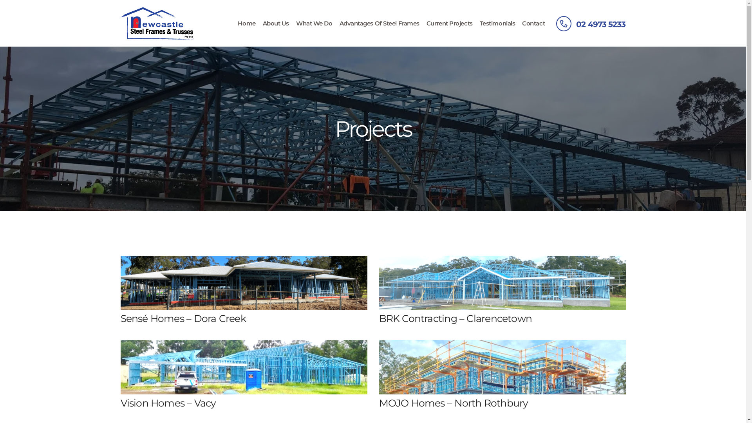  I want to click on 'Current Projects', so click(449, 23).